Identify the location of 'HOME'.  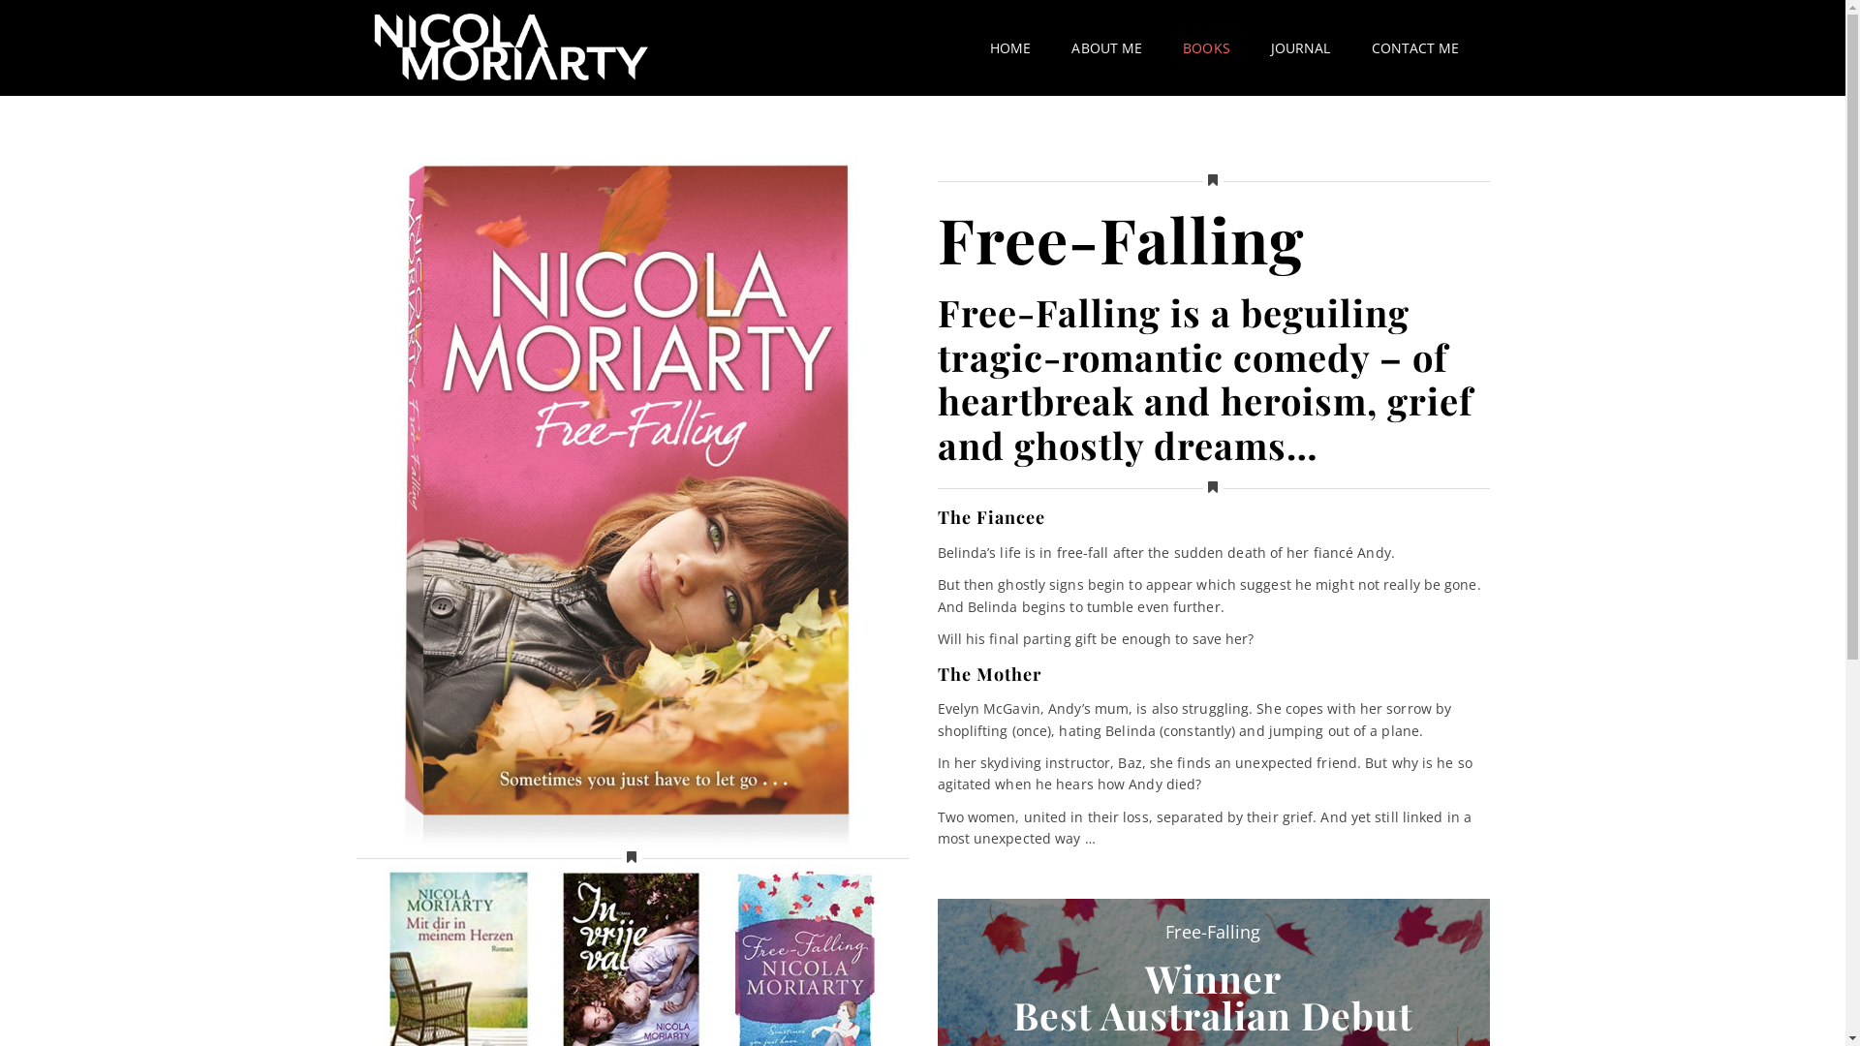
(970, 46).